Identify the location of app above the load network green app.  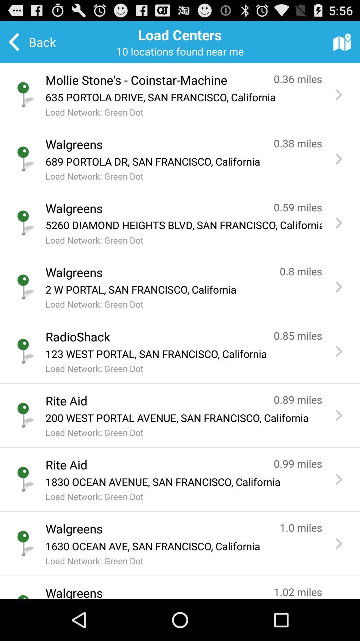
(184, 97).